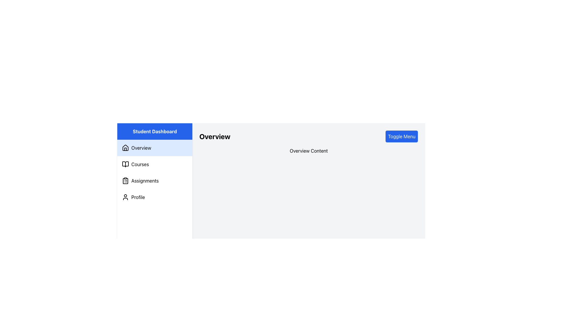 The width and height of the screenshot is (563, 317). What do you see at coordinates (401, 136) in the screenshot?
I see `the button located in the top-right area of the content section` at bounding box center [401, 136].